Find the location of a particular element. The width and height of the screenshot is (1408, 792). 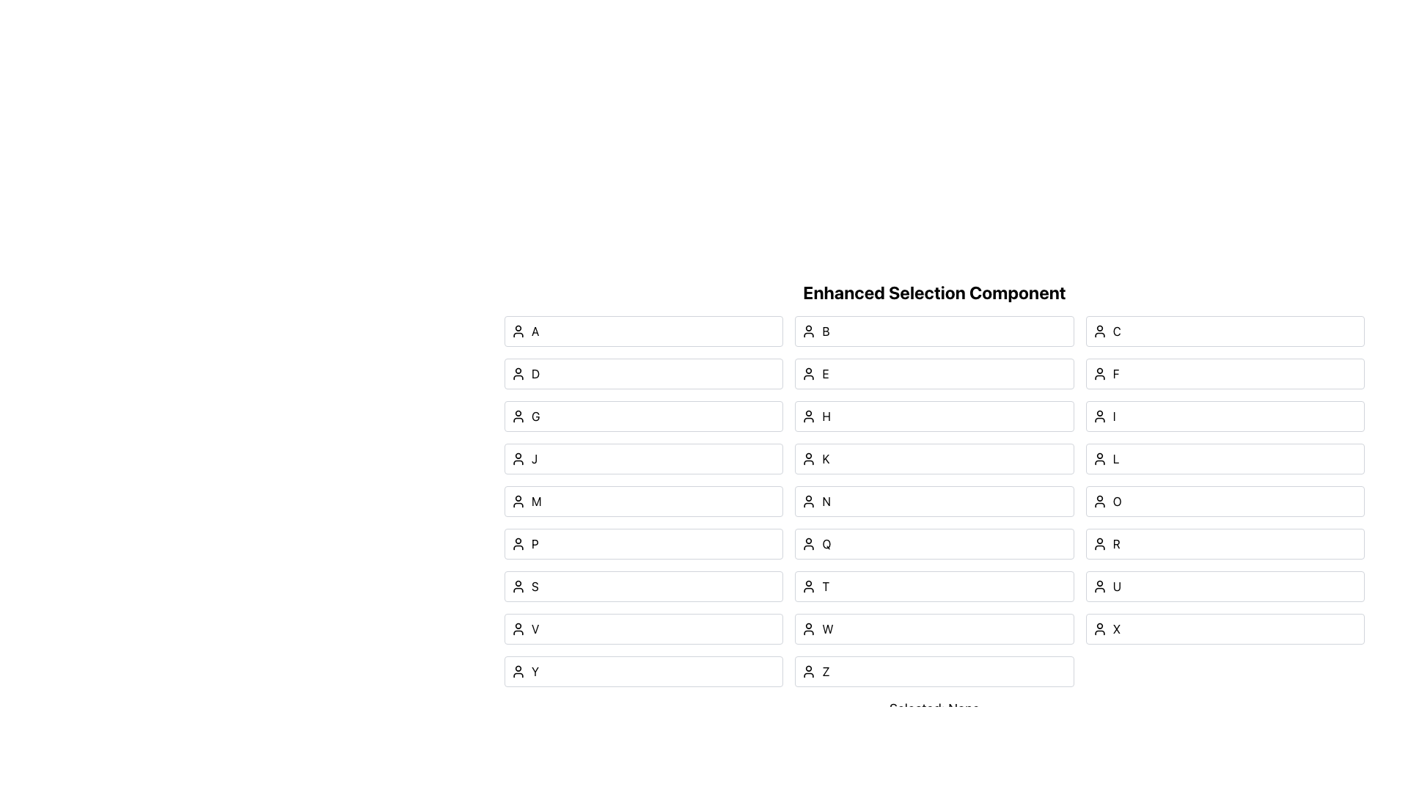

the user profile icon located within the button in the bottom left corner of the 'Enhanced Selection Component' grid is located at coordinates (518, 671).